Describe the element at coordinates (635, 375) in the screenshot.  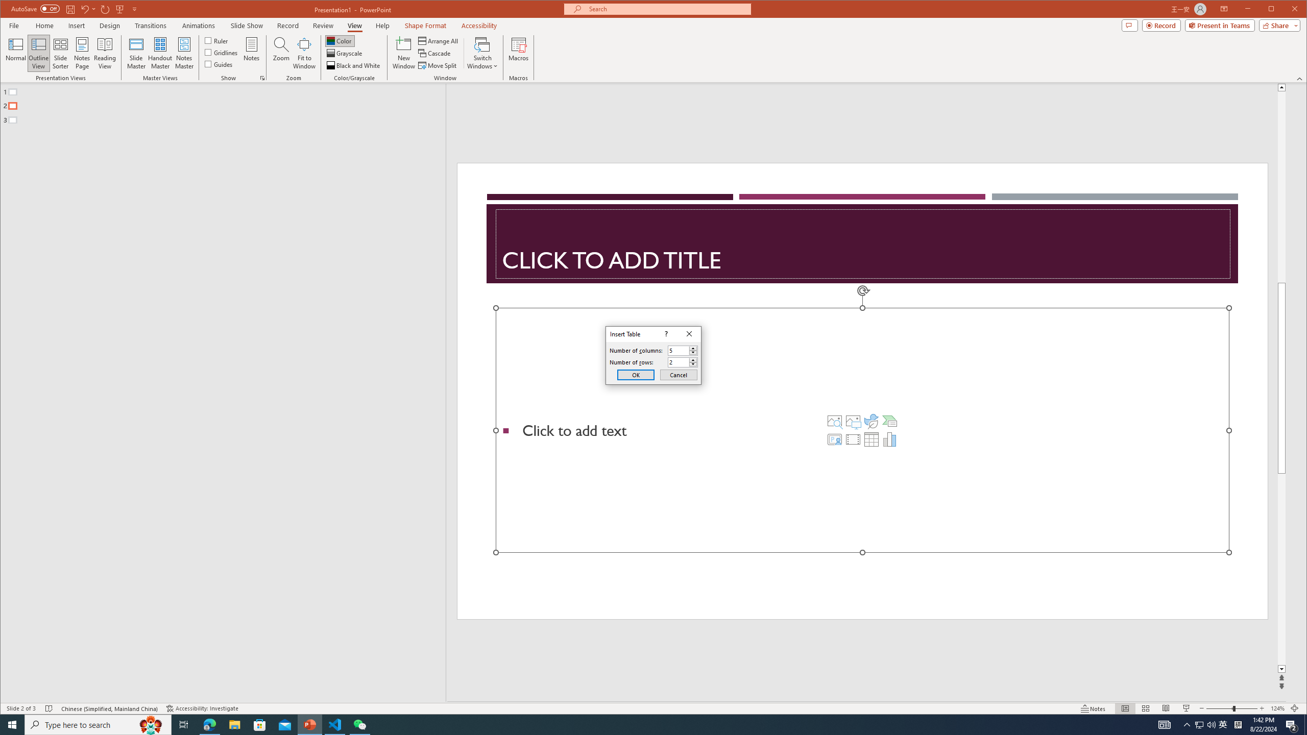
I see `'OK'` at that location.